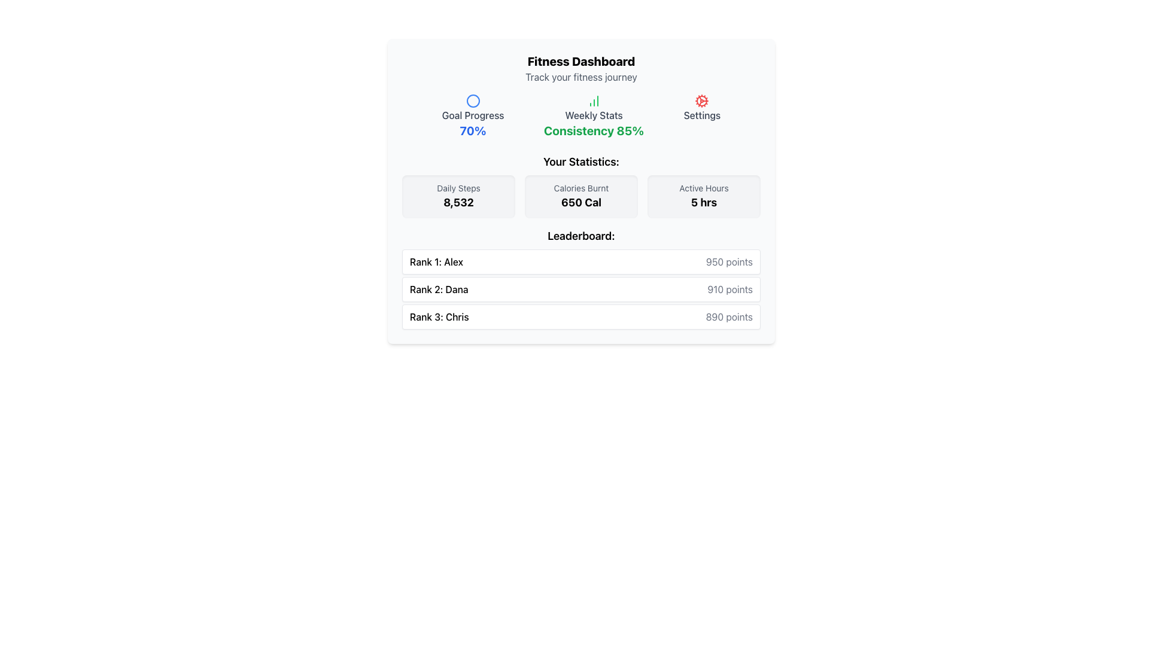 This screenshot has height=646, width=1149. What do you see at coordinates (581, 236) in the screenshot?
I see `the 'Leaderboard:' text label, which is a bold, large font element positioned centrally above the ranking information list` at bounding box center [581, 236].